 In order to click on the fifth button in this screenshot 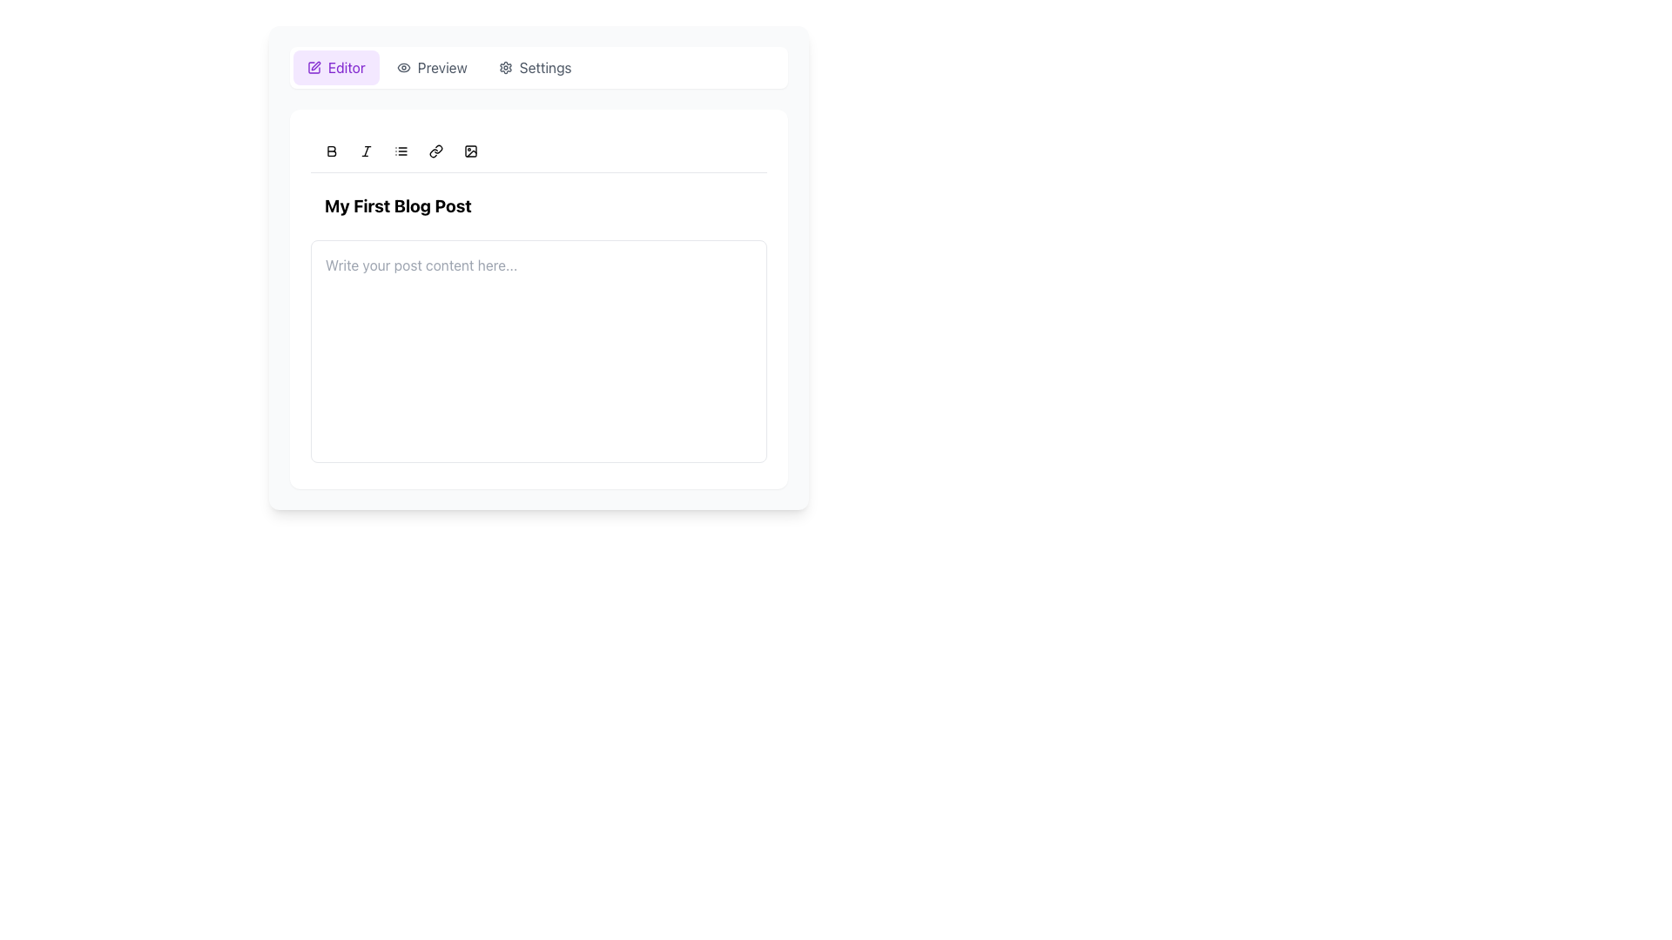, I will do `click(435, 150)`.